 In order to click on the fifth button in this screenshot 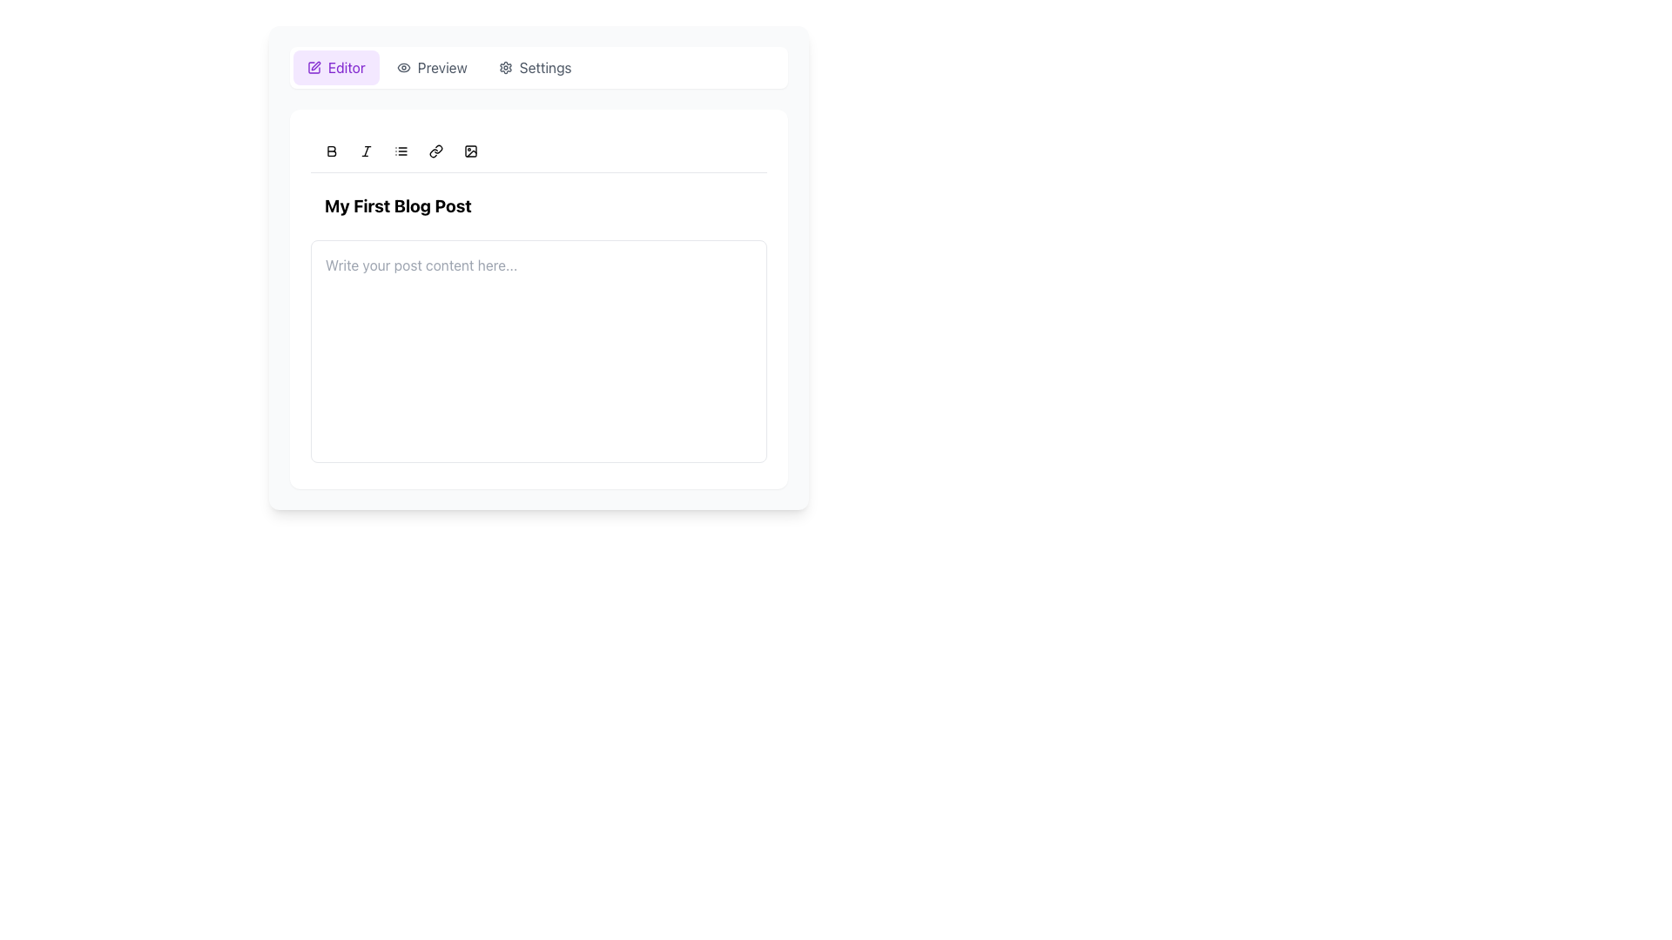, I will do `click(435, 150)`.